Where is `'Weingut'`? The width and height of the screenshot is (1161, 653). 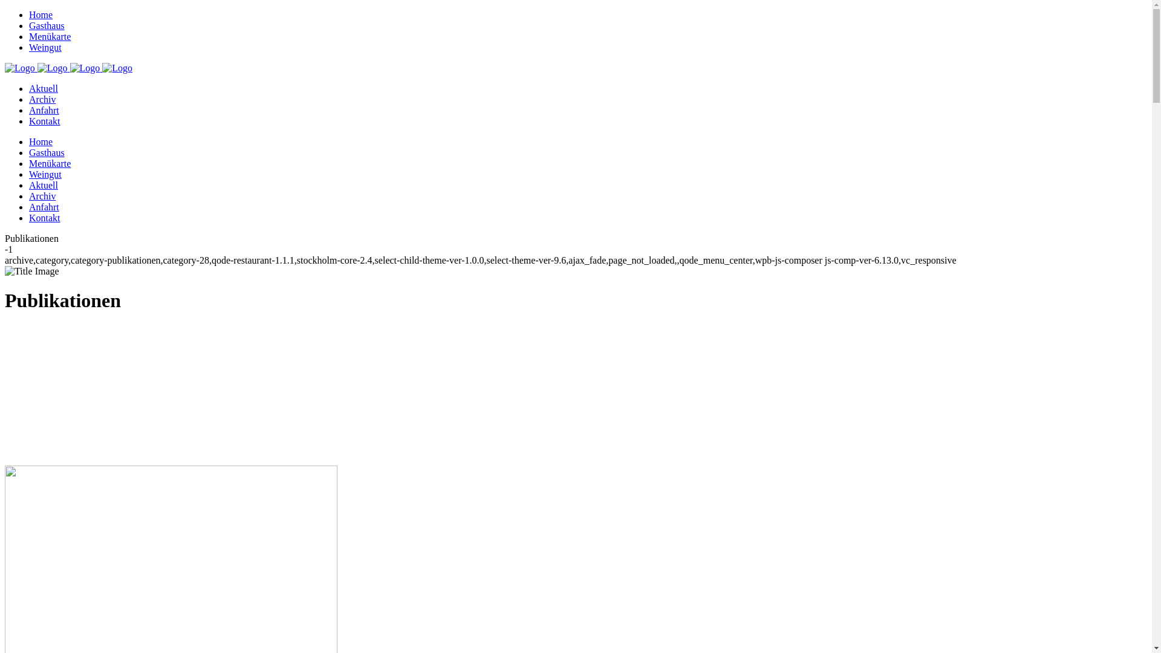 'Weingut' is located at coordinates (45, 174).